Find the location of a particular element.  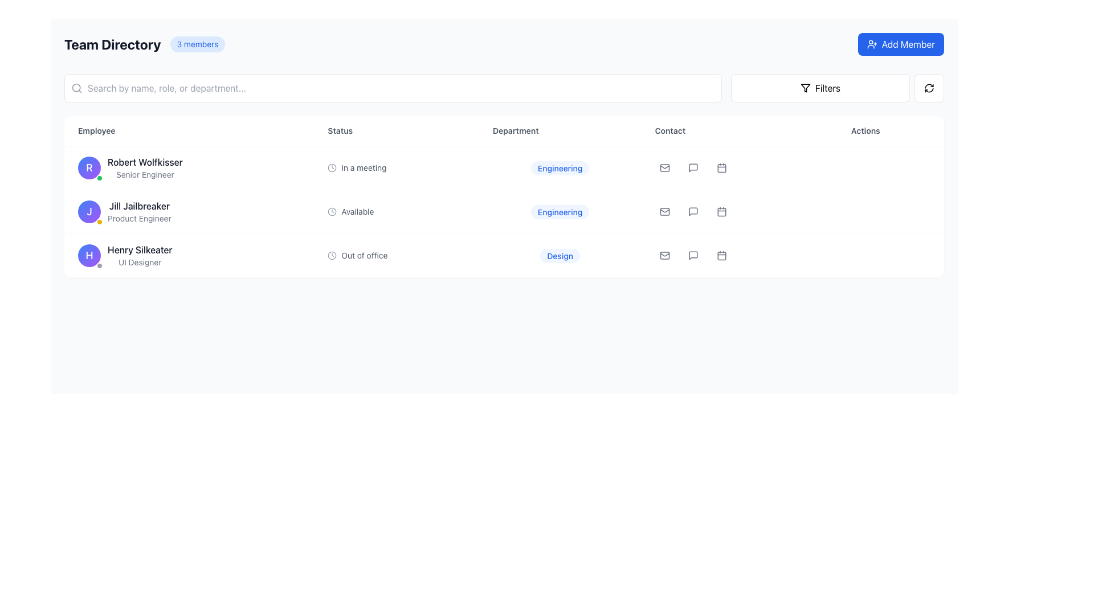

the status indicator associated with the avatar displaying 'J', located at the bottom-right part of the avatar's details is located at coordinates (99, 222).